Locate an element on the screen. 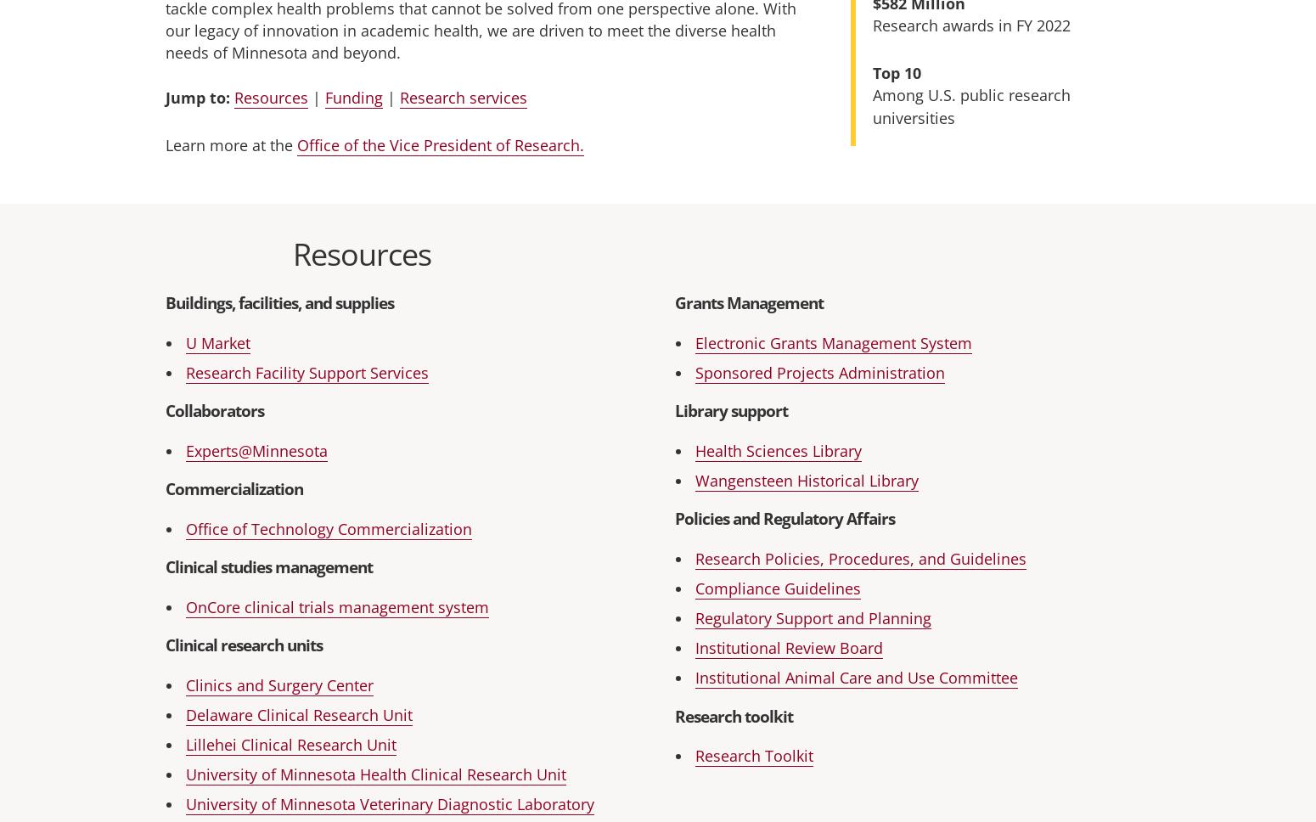 The height and width of the screenshot is (822, 1316). 'Policies and Regulatory Affairs' is located at coordinates (784, 518).